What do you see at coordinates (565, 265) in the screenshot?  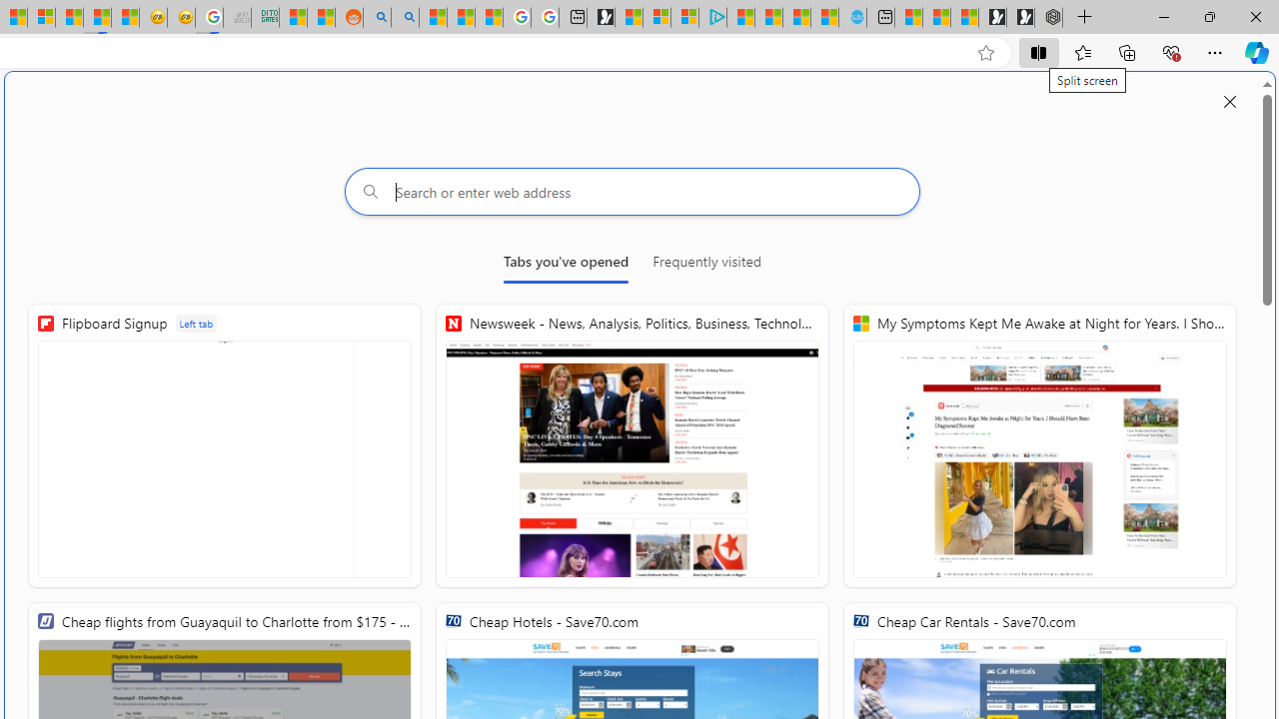 I see `'Tabs you'` at bounding box center [565, 265].